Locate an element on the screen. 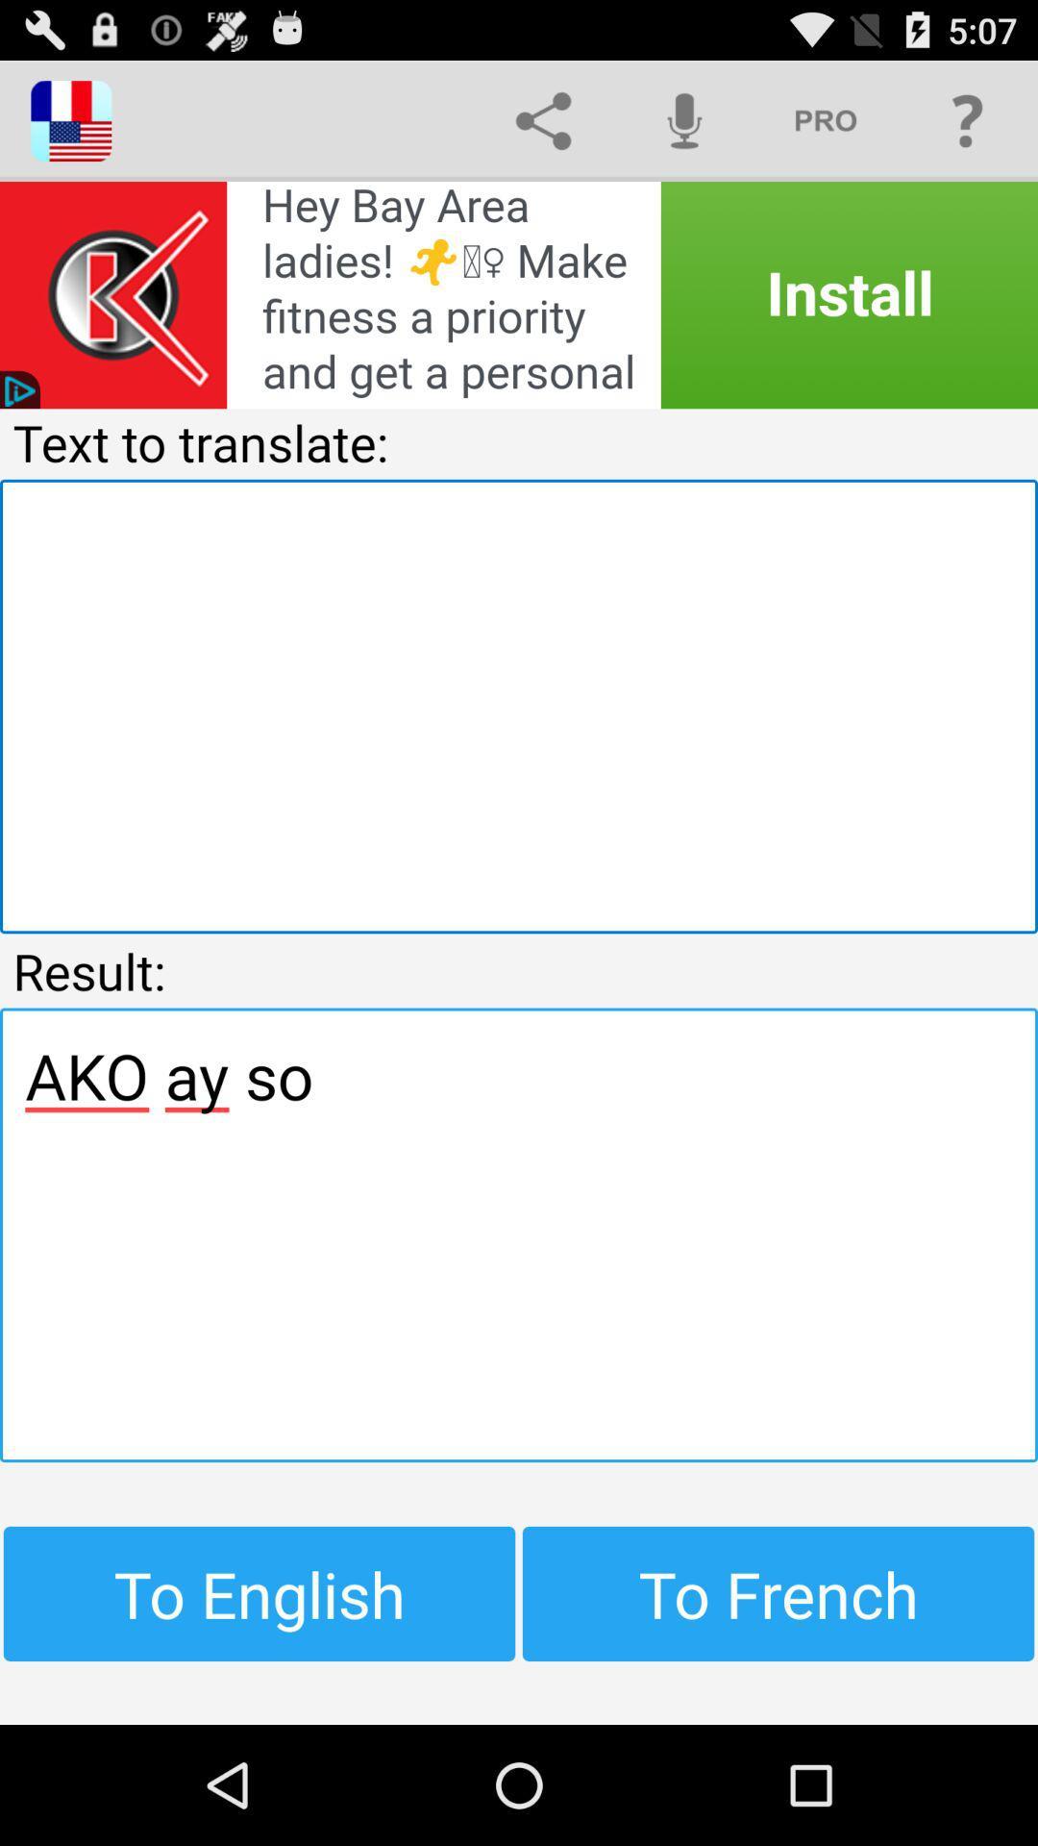  advertisement for a fitness advertisement for women is located at coordinates (519, 294).